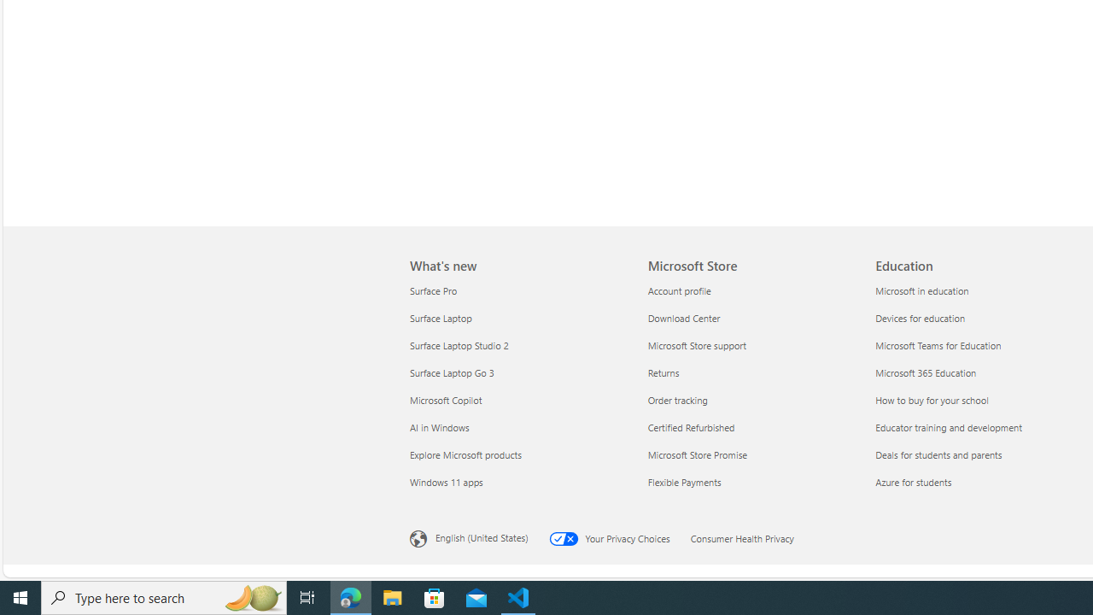 The height and width of the screenshot is (615, 1093). Describe the element at coordinates (517, 318) in the screenshot. I see `'Surface Laptop'` at that location.